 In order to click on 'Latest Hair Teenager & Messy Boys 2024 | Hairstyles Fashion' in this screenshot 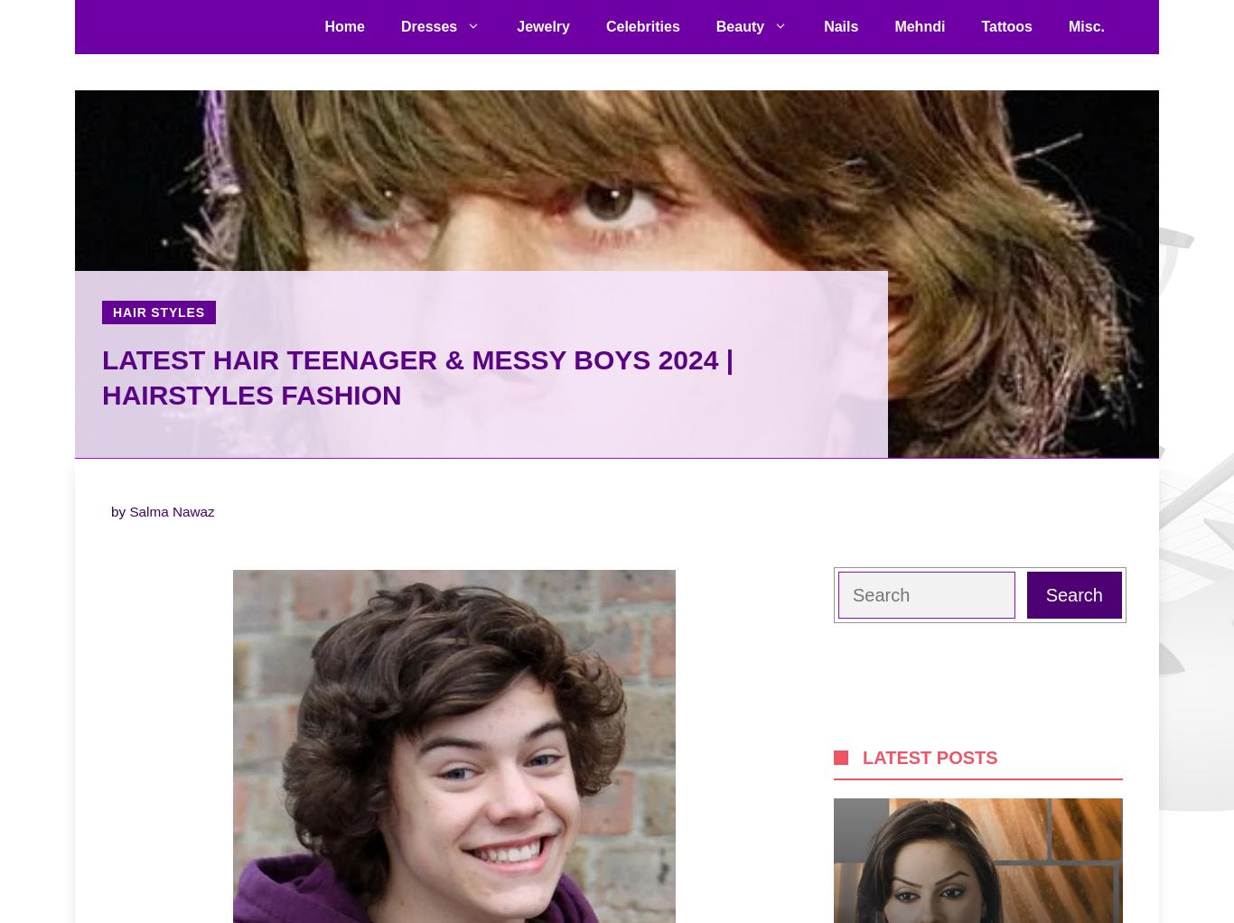, I will do `click(417, 377)`.